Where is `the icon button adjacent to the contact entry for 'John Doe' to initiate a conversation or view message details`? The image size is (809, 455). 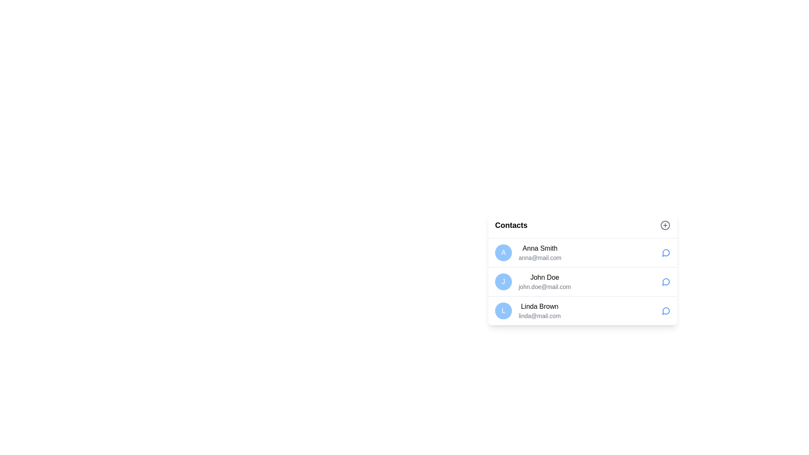
the icon button adjacent to the contact entry for 'John Doe' to initiate a conversation or view message details is located at coordinates (665, 281).